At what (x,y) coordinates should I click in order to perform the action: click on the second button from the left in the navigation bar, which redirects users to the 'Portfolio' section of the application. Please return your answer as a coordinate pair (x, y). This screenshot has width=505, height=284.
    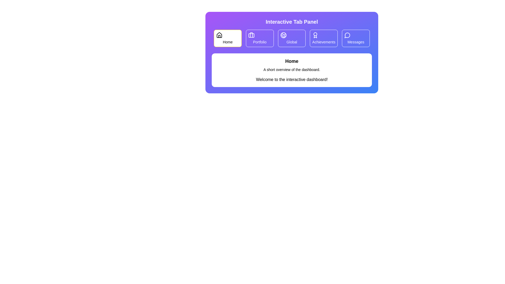
    Looking at the image, I should click on (260, 38).